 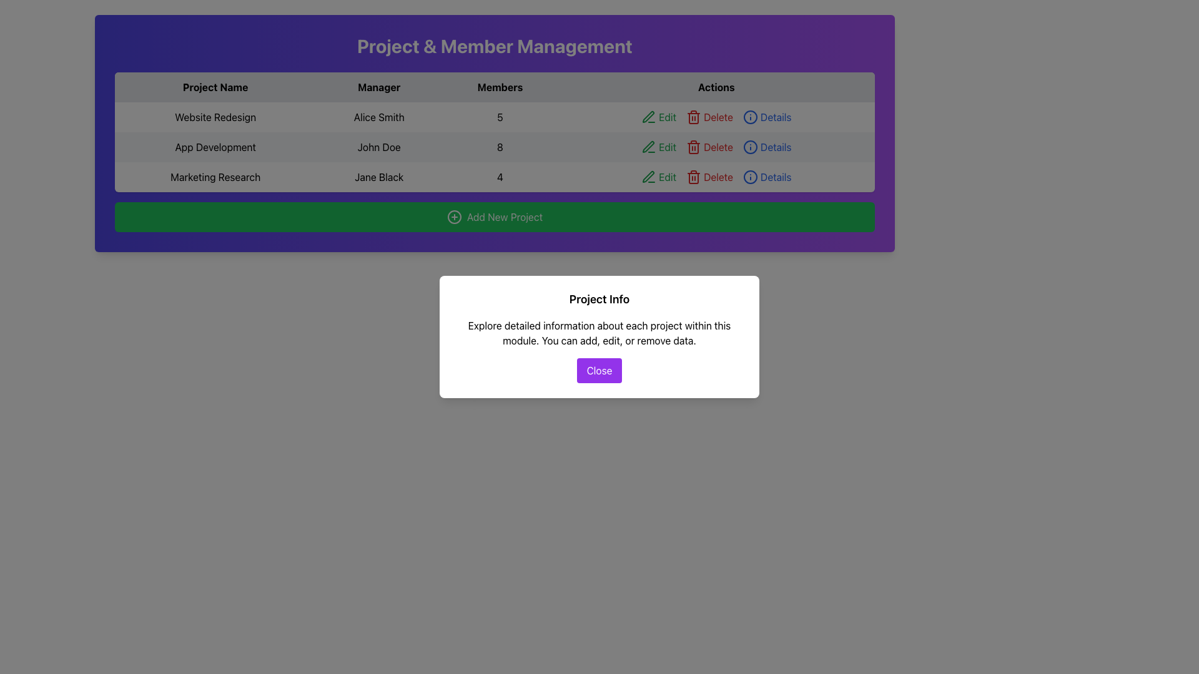 I want to click on text in the modal dialog that presents information about projects, specifically focusing on the descriptive paragraph beneath the title and before the 'Close' button, so click(x=599, y=337).